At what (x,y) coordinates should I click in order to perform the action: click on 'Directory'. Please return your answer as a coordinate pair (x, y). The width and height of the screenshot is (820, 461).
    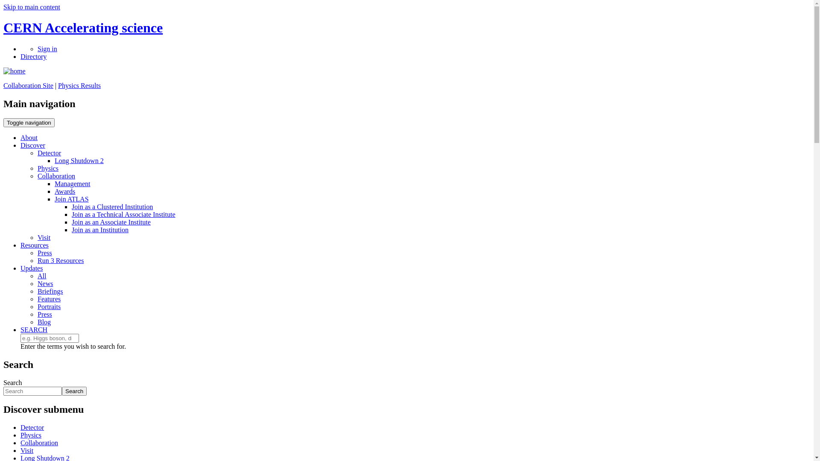
    Looking at the image, I should click on (33, 56).